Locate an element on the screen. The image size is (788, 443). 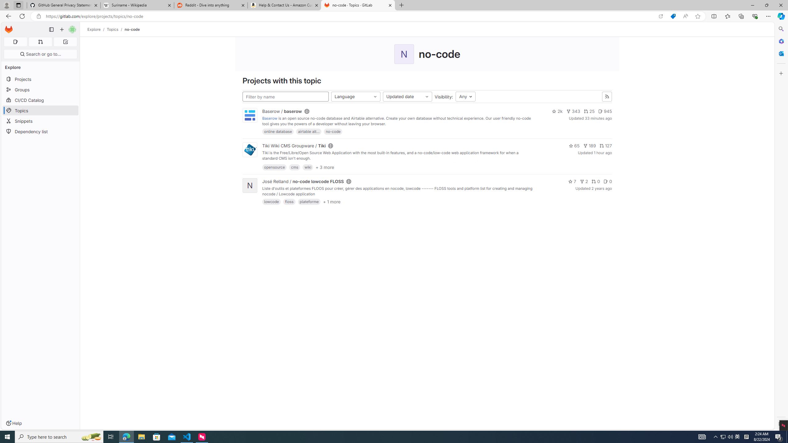
'343' is located at coordinates (573, 111).